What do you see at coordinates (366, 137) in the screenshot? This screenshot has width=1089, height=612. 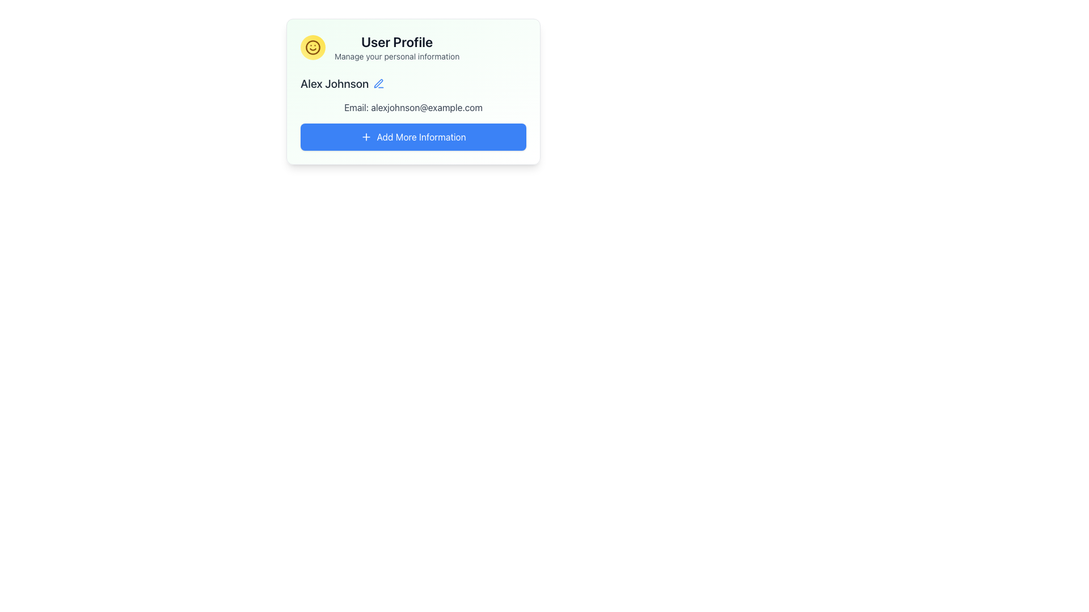 I see `the 'Add More Information' button that contains the decorative icon located to its left` at bounding box center [366, 137].